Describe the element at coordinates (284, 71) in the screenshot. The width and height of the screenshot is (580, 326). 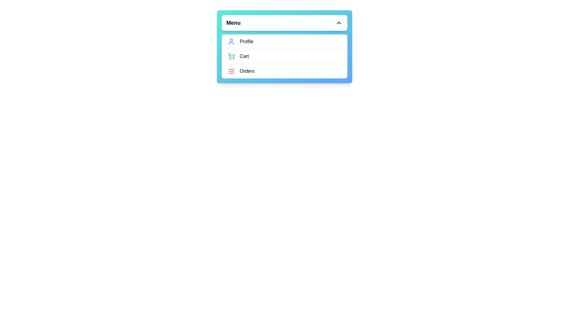
I see `the menu item Orders from the options: Profile, Cart, Orders` at that location.